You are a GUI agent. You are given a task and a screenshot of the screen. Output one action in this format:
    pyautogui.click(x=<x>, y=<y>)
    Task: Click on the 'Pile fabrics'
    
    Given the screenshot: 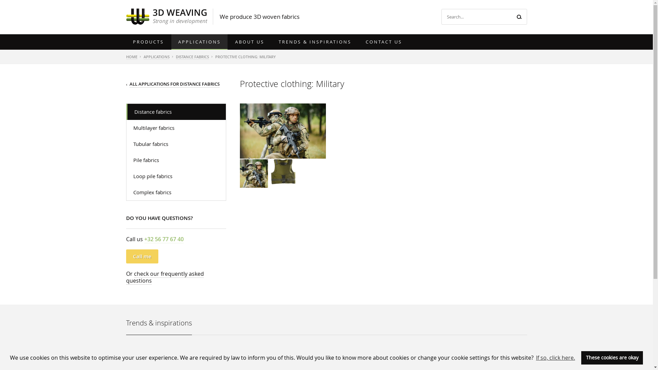 What is the action you would take?
    pyautogui.click(x=176, y=160)
    